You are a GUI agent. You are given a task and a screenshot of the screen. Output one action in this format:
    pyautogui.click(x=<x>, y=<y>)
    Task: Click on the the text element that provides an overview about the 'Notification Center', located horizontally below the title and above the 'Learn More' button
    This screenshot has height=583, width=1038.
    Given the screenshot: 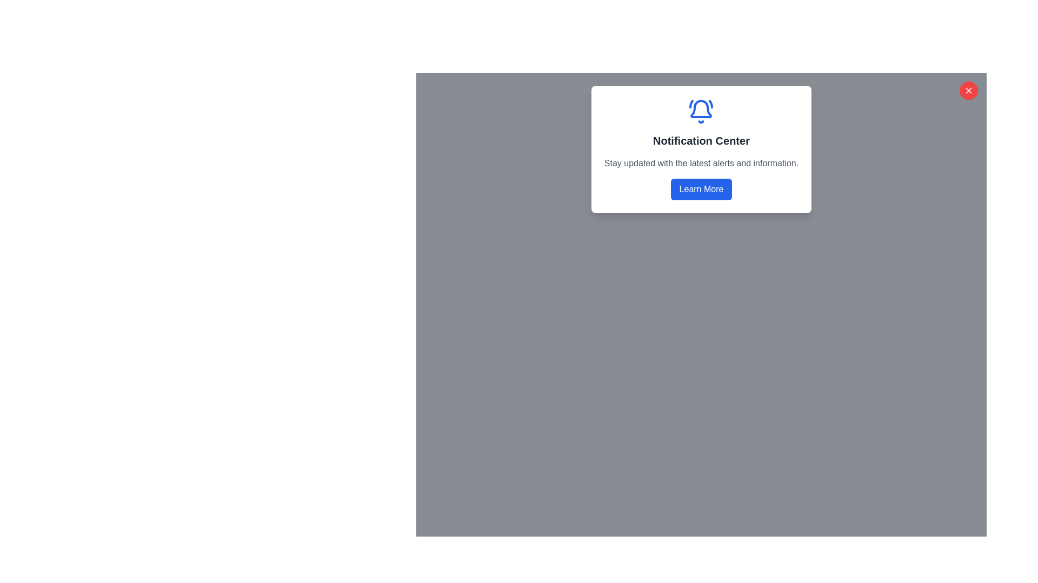 What is the action you would take?
    pyautogui.click(x=701, y=164)
    